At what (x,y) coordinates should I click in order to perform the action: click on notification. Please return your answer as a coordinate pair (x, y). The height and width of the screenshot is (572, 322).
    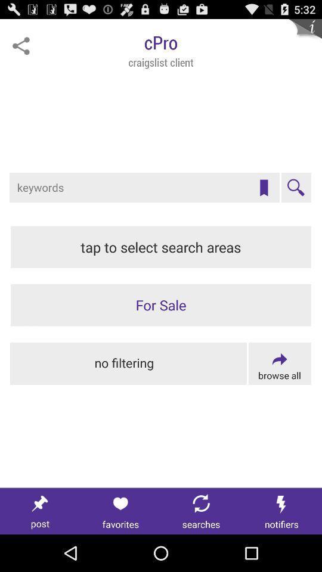
    Looking at the image, I should click on (281, 511).